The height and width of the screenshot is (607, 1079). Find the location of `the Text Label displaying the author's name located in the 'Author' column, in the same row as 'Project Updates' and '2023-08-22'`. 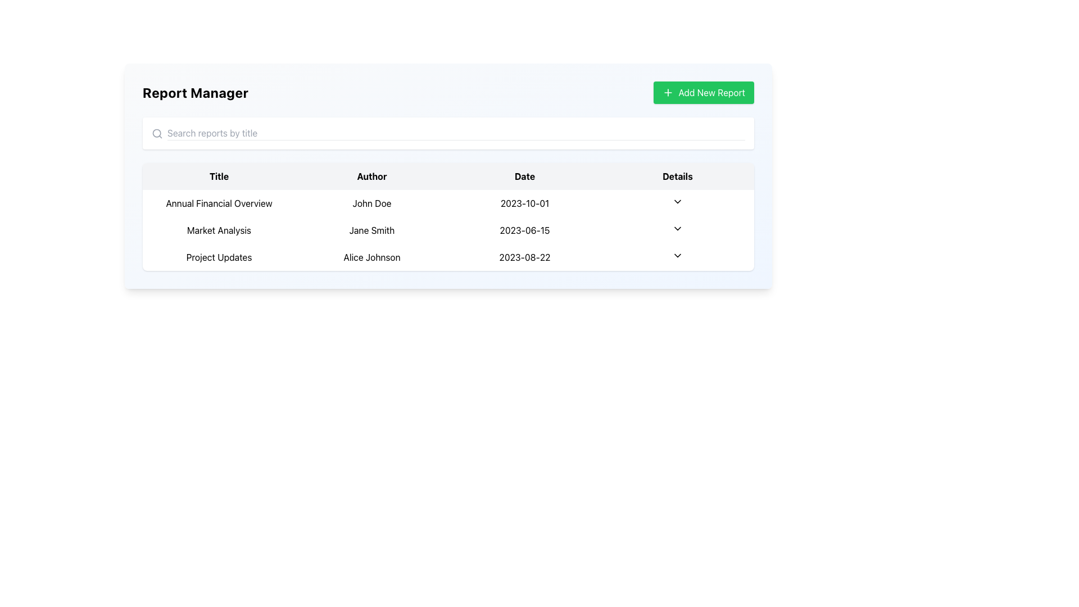

the Text Label displaying the author's name located in the 'Author' column, in the same row as 'Project Updates' and '2023-08-22' is located at coordinates (372, 257).